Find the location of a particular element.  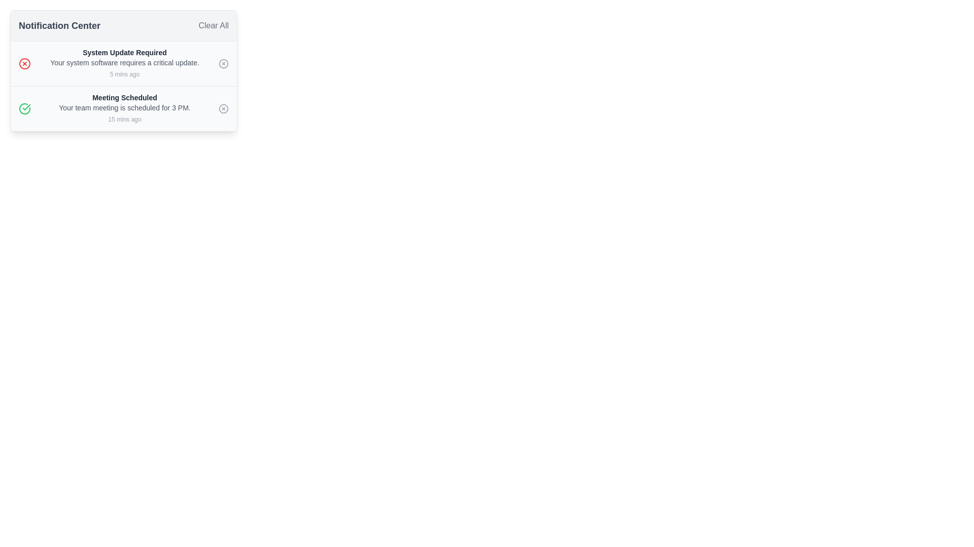

the 'Meeting Scheduled' text label, which is displayed in bold, small dark gray font and is centrally aligned within the notification card structure, positioned above the supplementary text and time information is located at coordinates (124, 97).